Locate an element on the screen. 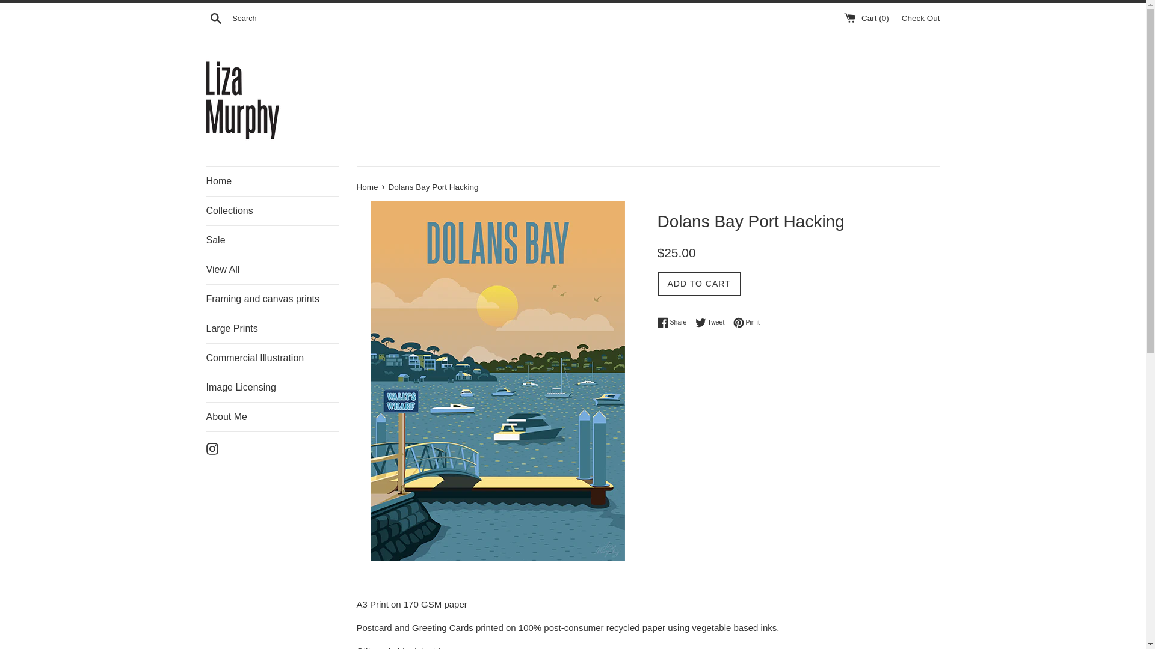 This screenshot has height=649, width=1155. 'Cart (0)' is located at coordinates (867, 17).